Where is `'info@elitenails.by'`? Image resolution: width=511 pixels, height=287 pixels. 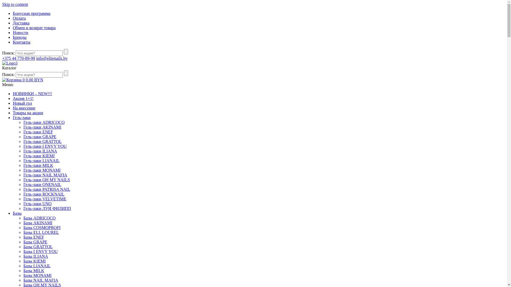
'info@elitenails.by' is located at coordinates (52, 58).